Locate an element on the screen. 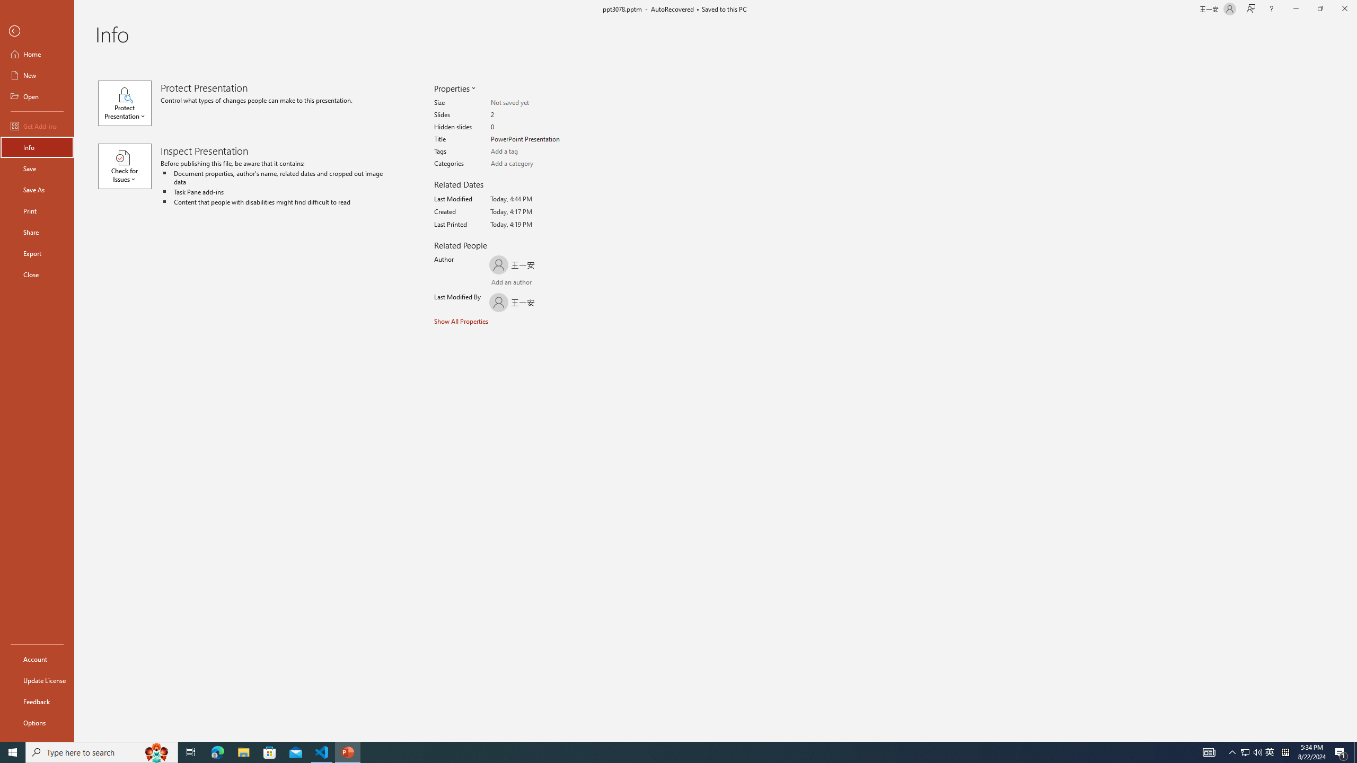  'New' is located at coordinates (37, 75).